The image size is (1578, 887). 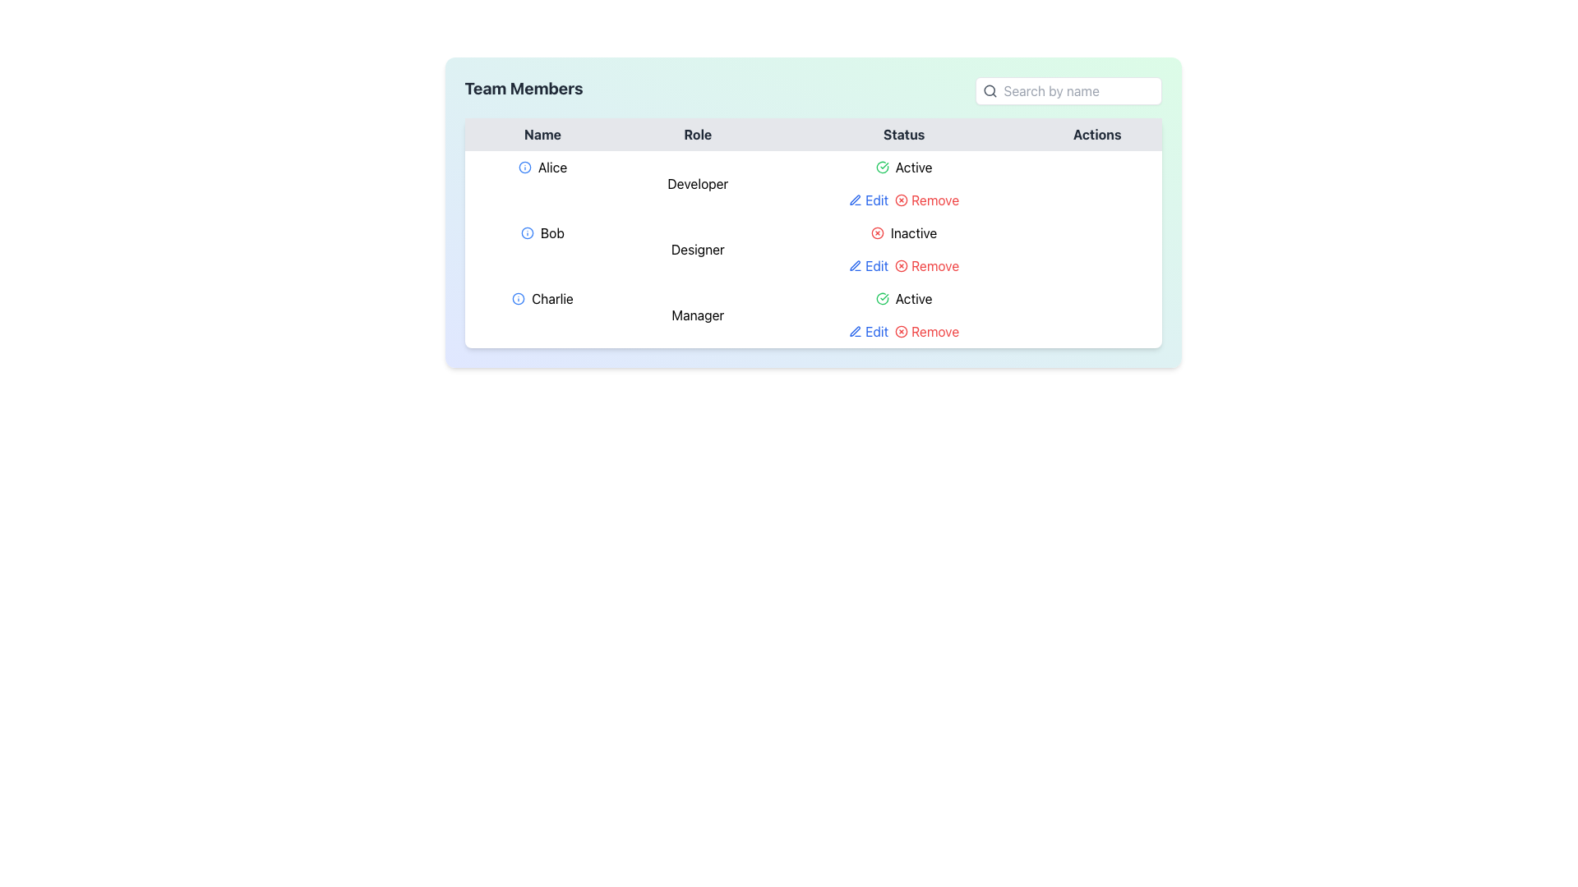 What do you see at coordinates (855, 199) in the screenshot?
I see `the Edit SVG Icon representing the modification of user details for Bob, located in the Actions column of the table` at bounding box center [855, 199].